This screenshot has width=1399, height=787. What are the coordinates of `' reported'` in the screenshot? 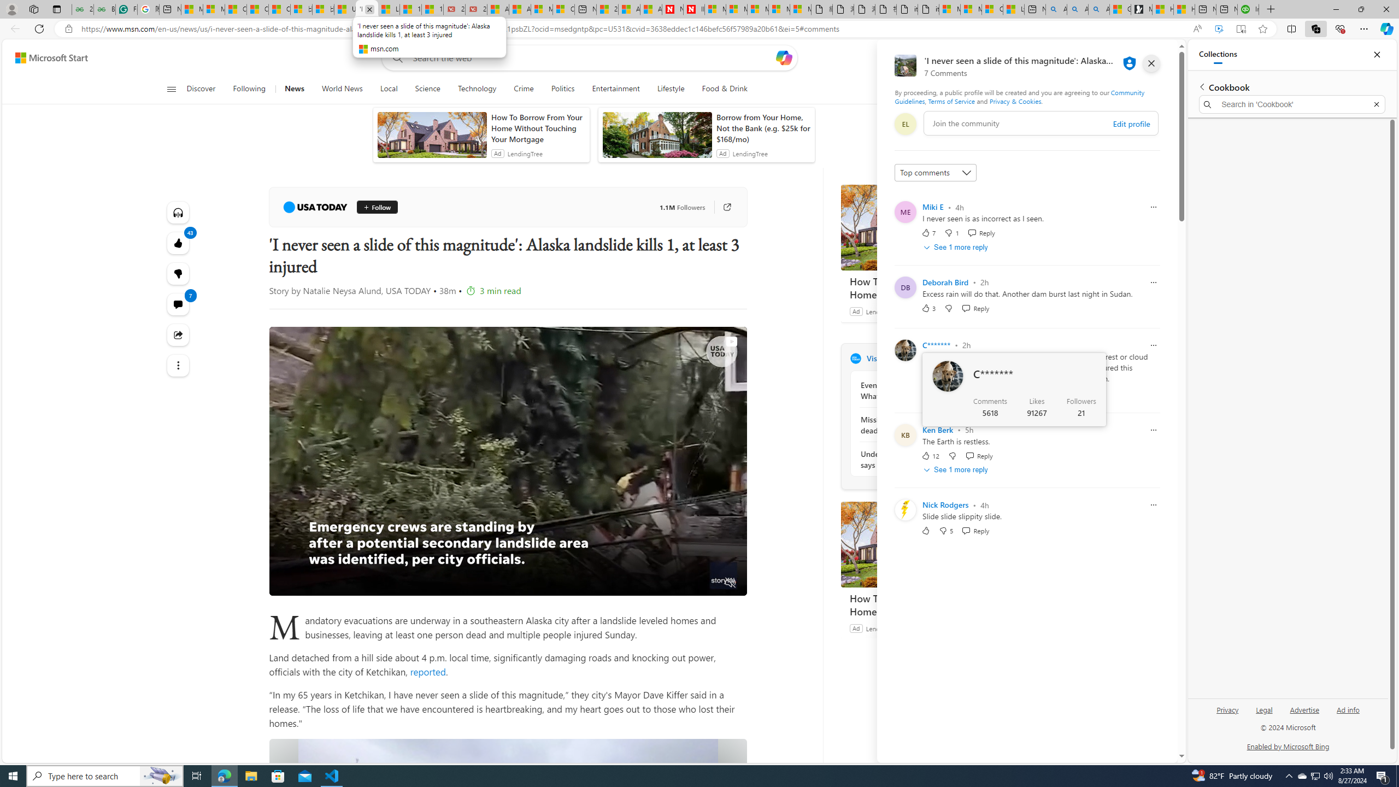 It's located at (426, 671).